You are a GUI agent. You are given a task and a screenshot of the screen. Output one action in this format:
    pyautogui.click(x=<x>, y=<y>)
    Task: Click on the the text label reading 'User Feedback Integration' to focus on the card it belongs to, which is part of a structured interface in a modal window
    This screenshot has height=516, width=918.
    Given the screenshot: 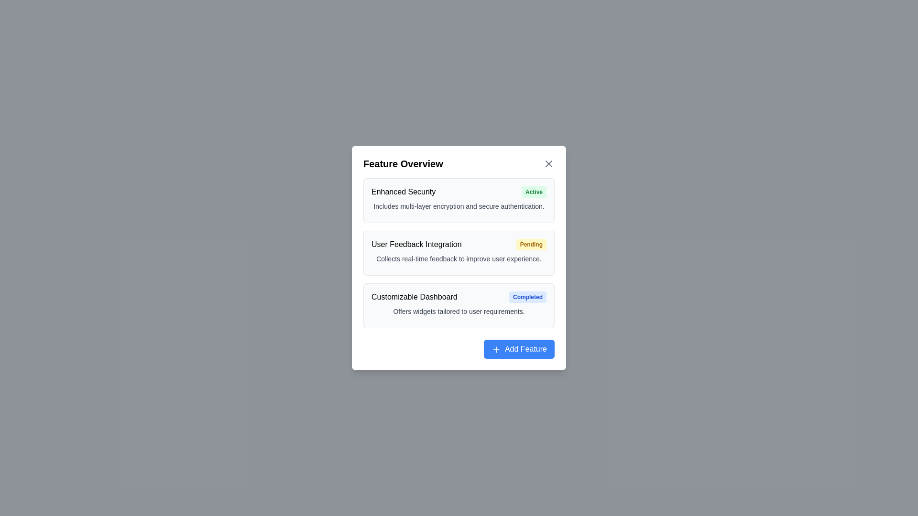 What is the action you would take?
    pyautogui.click(x=416, y=244)
    